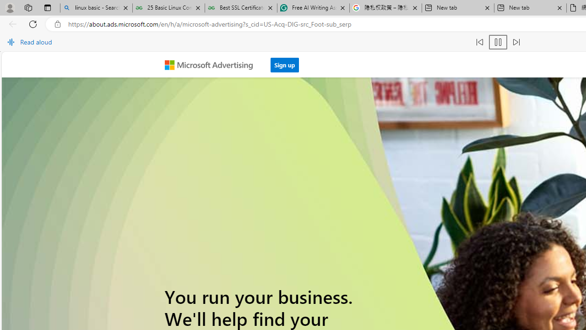  Describe the element at coordinates (96, 8) in the screenshot. I see `'linux basic - Search'` at that location.